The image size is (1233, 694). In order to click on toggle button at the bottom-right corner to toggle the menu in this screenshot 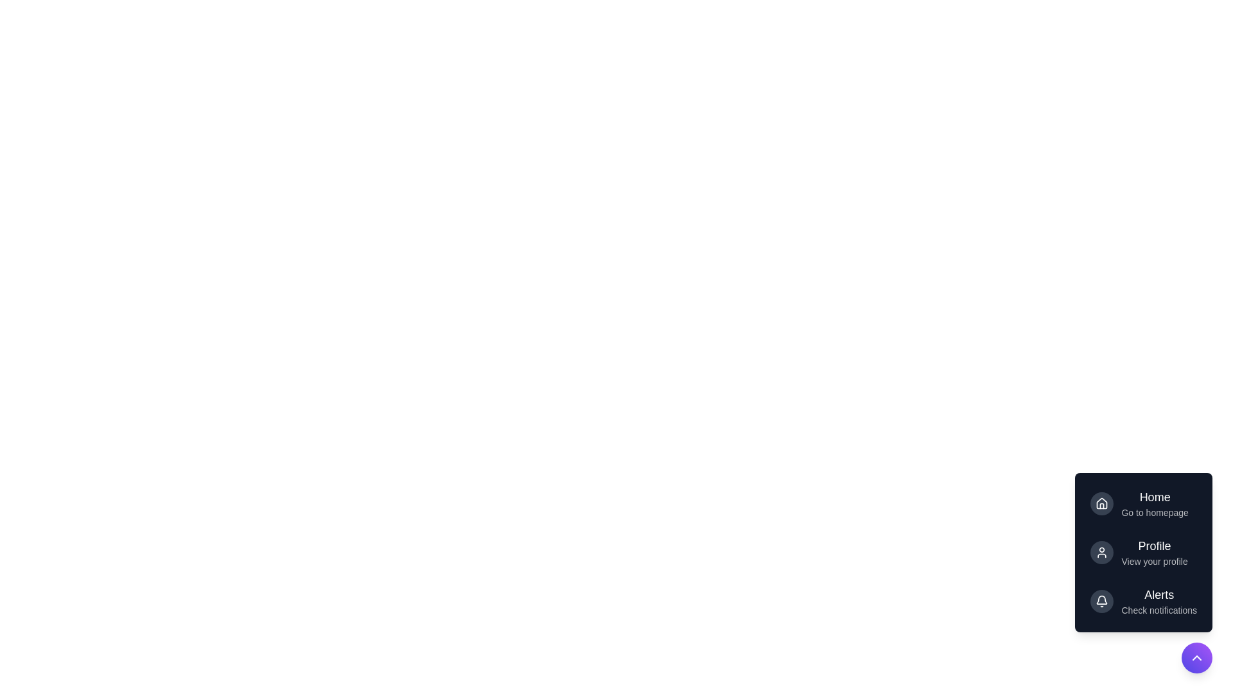, I will do `click(1196, 657)`.